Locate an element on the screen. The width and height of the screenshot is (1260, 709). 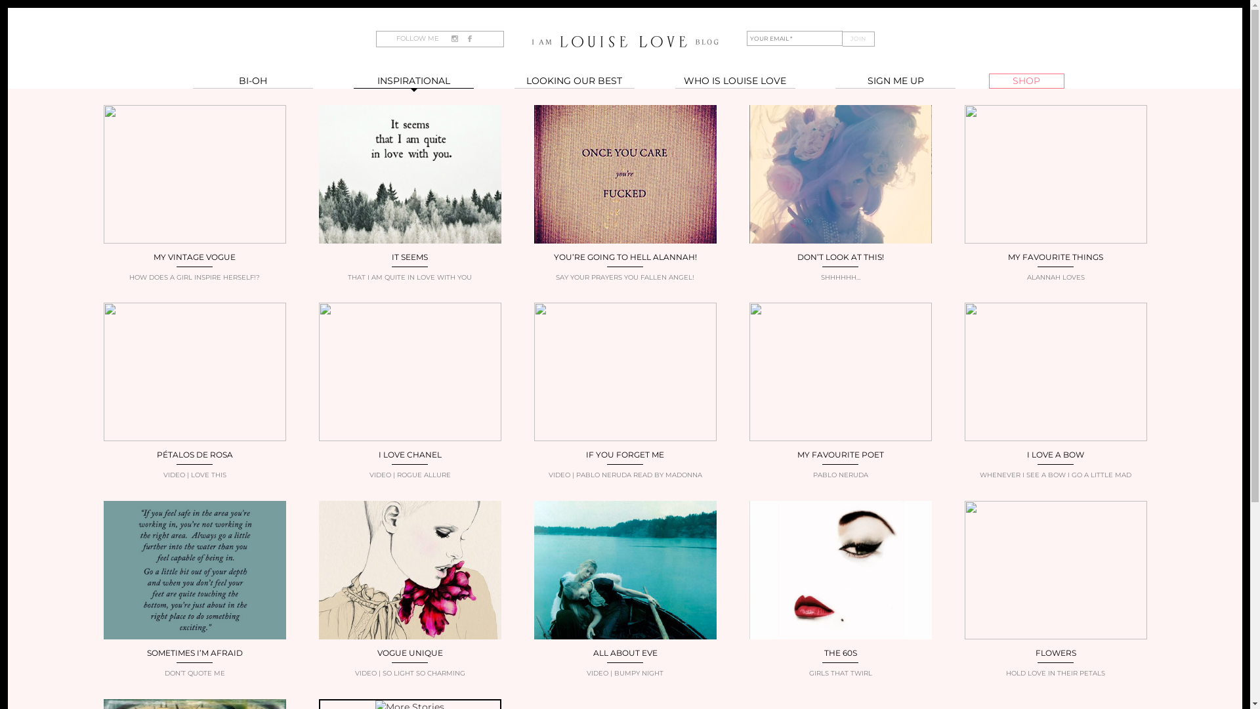
'SHOP' is located at coordinates (1026, 81).